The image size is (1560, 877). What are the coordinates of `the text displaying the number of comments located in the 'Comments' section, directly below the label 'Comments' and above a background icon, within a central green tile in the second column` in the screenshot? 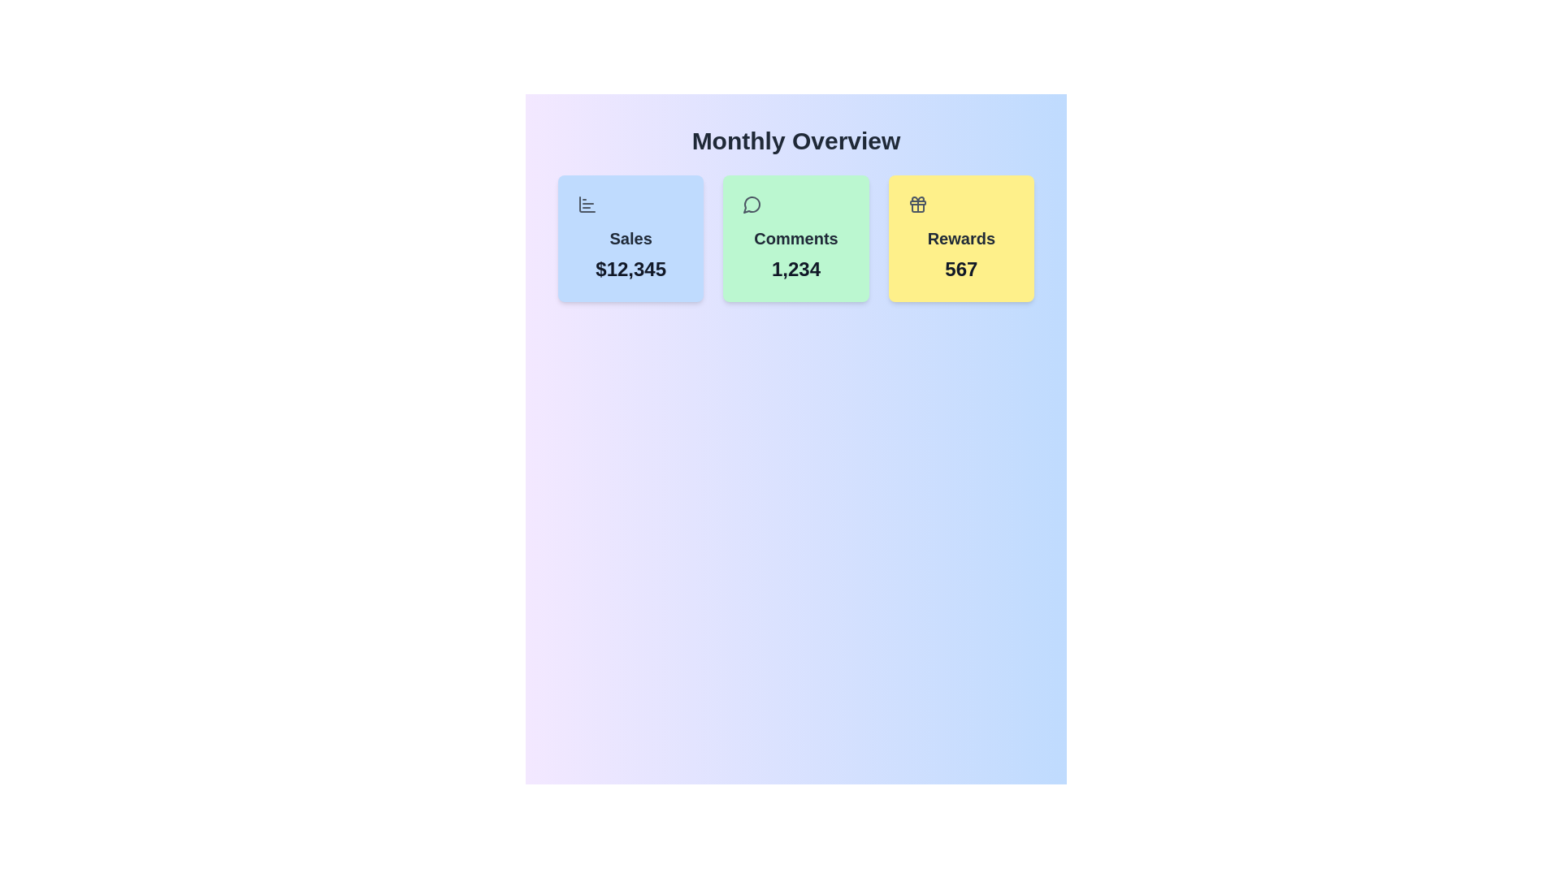 It's located at (795, 268).